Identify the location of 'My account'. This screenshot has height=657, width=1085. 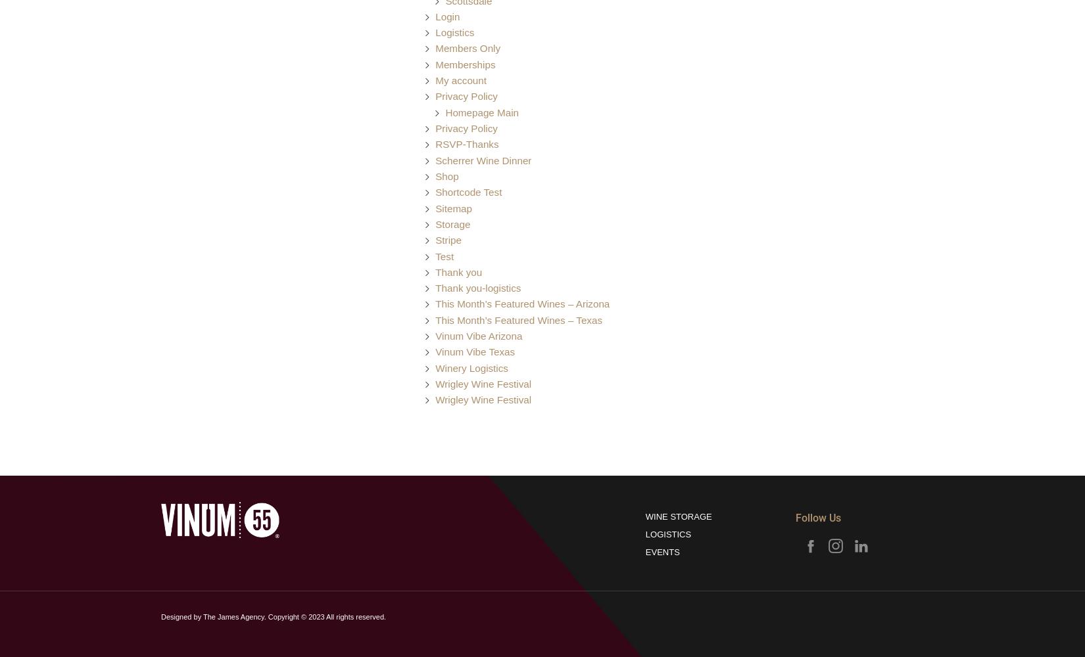
(460, 79).